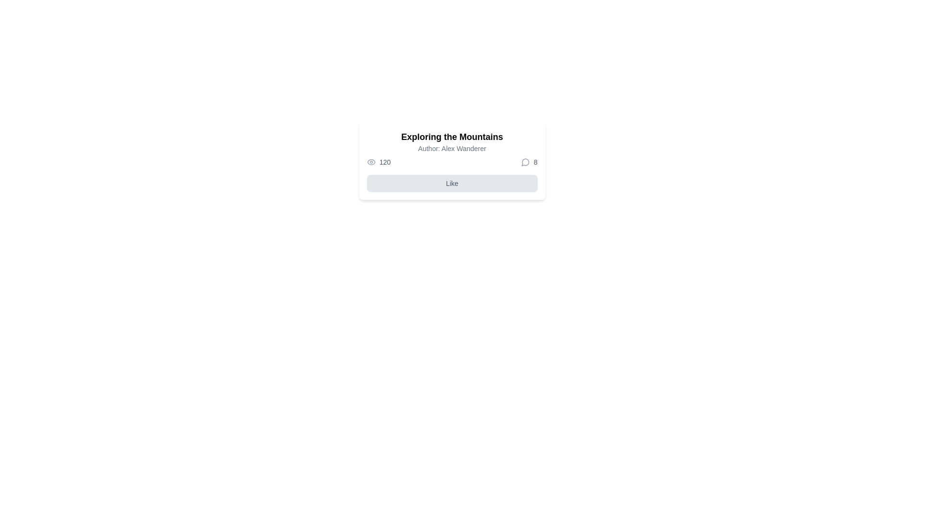 This screenshot has height=523, width=931. Describe the element at coordinates (451, 183) in the screenshot. I see `the 'Like' button, which is a horizontally-aligned rectangular button with rounded corners, light gray background, and centered text` at that location.